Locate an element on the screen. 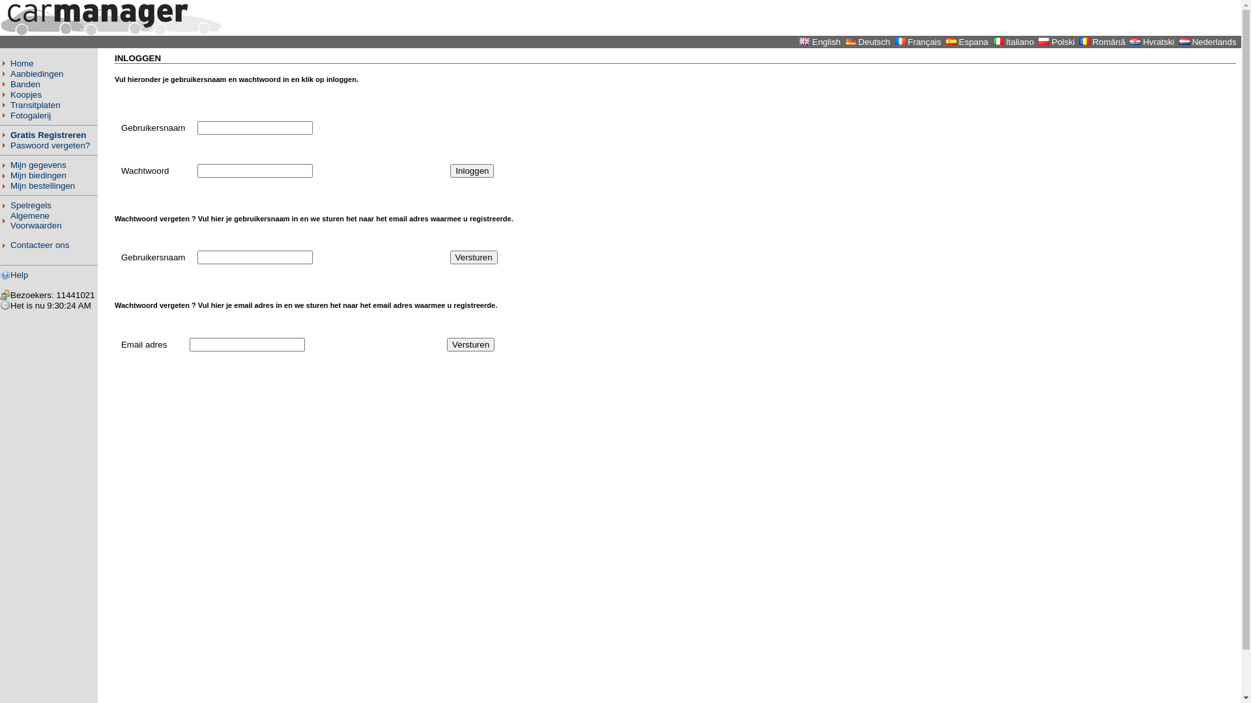  'Hvratski' is located at coordinates (1142, 41).